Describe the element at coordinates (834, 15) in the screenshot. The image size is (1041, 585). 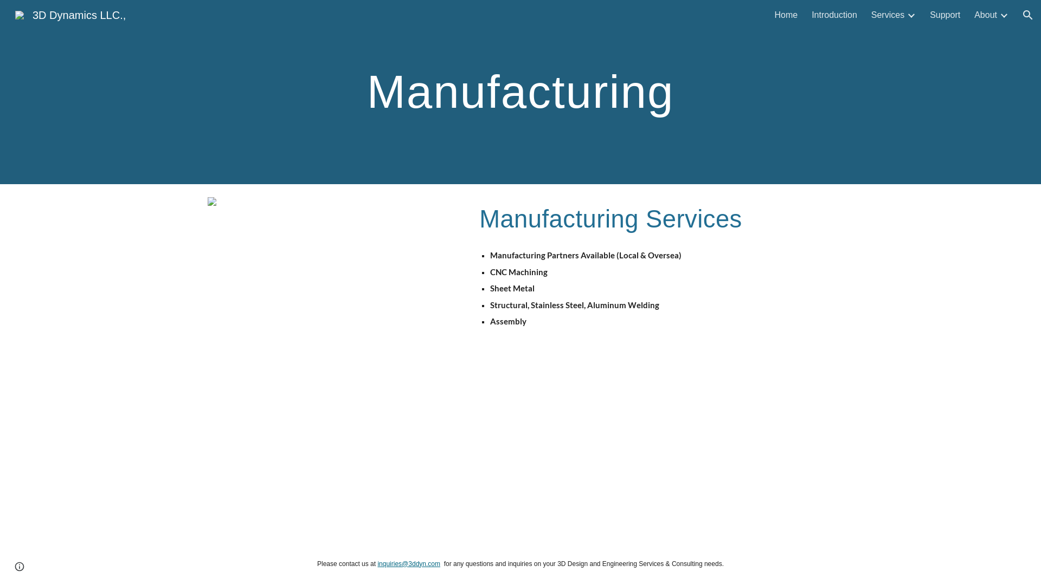
I see `'Introduction'` at that location.